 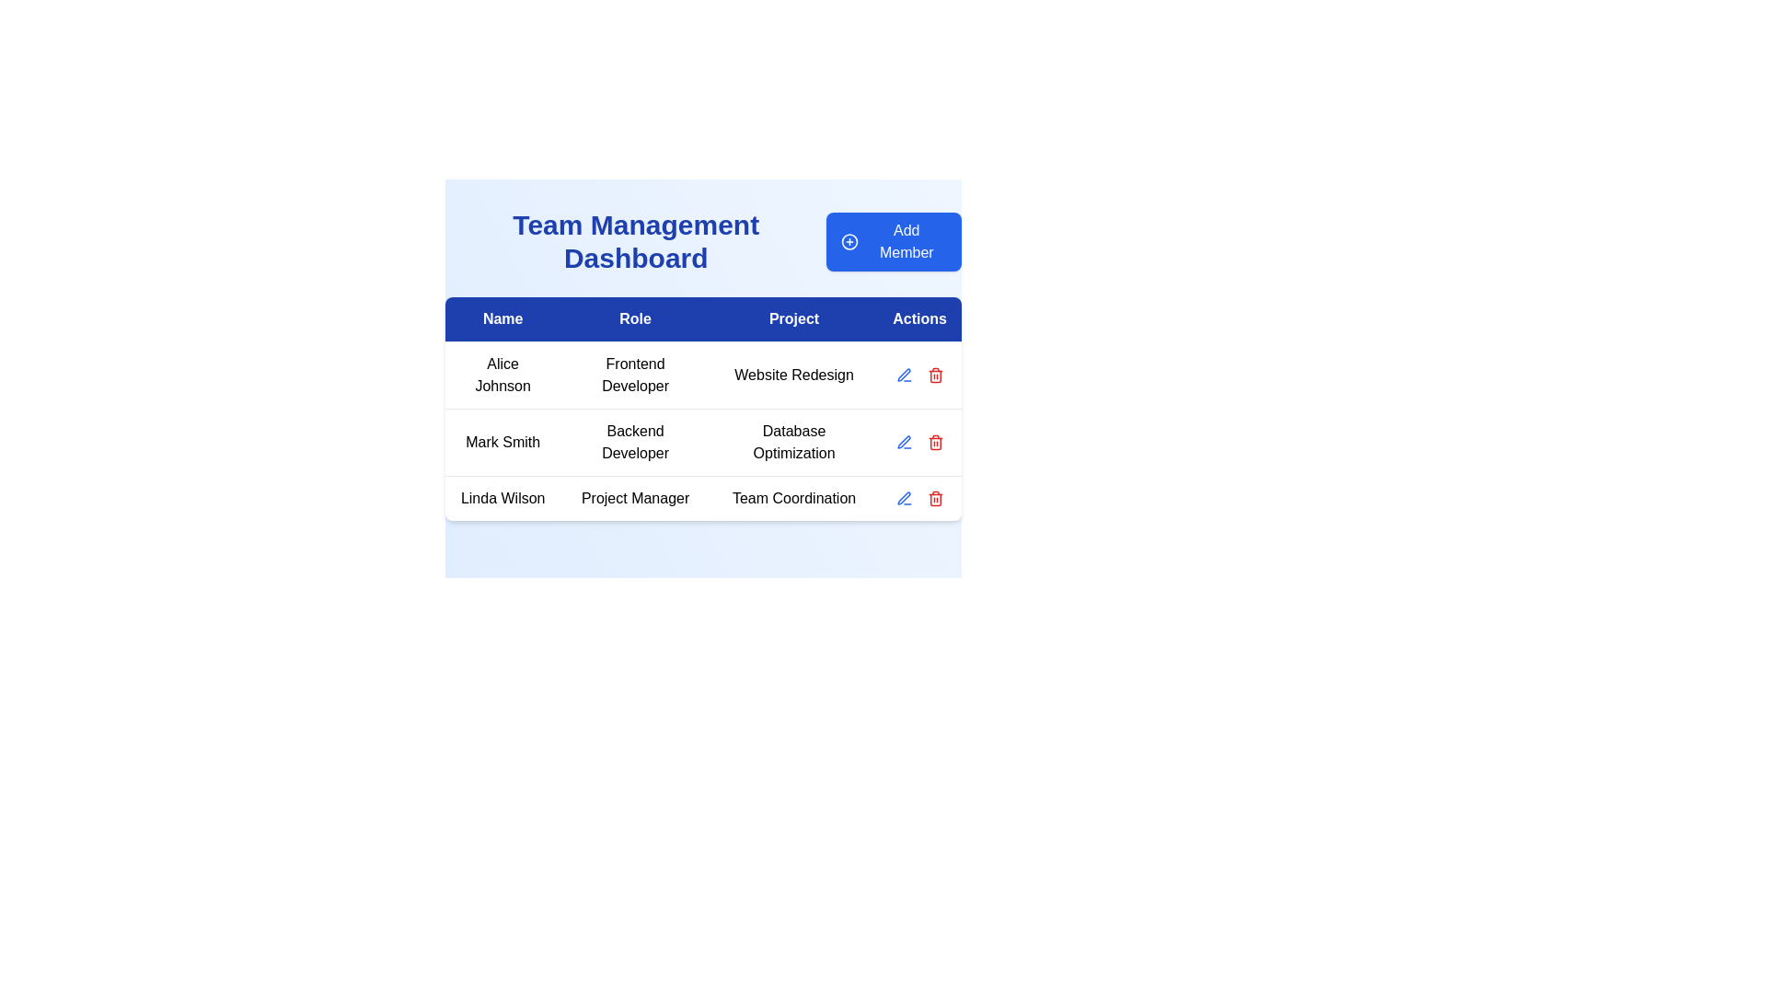 I want to click on user's name displayed in the first cell of the 'Name' column in the data table under the 'Team Management Dashboard', so click(x=502, y=375).